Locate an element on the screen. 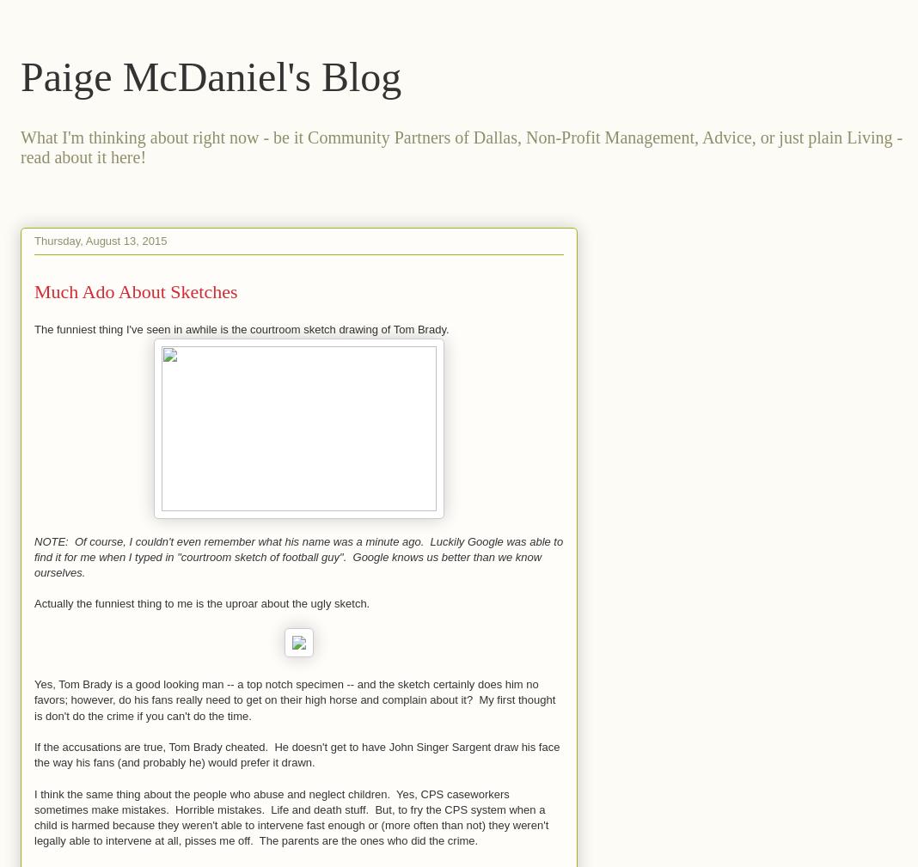  'I think the same thing about the people who abuse and neglect children.  Yes, CPS caseworkers sometimes make mistakes.  Horrible mistakes.  Life and death stuff.  But, to fry the CPS system when a child is harmed because they weren't able to intervene fast enough or (more often than not) they weren't legally able to intervene at all, pisses me off.  The parents are the ones who did the crime.' is located at coordinates (290, 816).